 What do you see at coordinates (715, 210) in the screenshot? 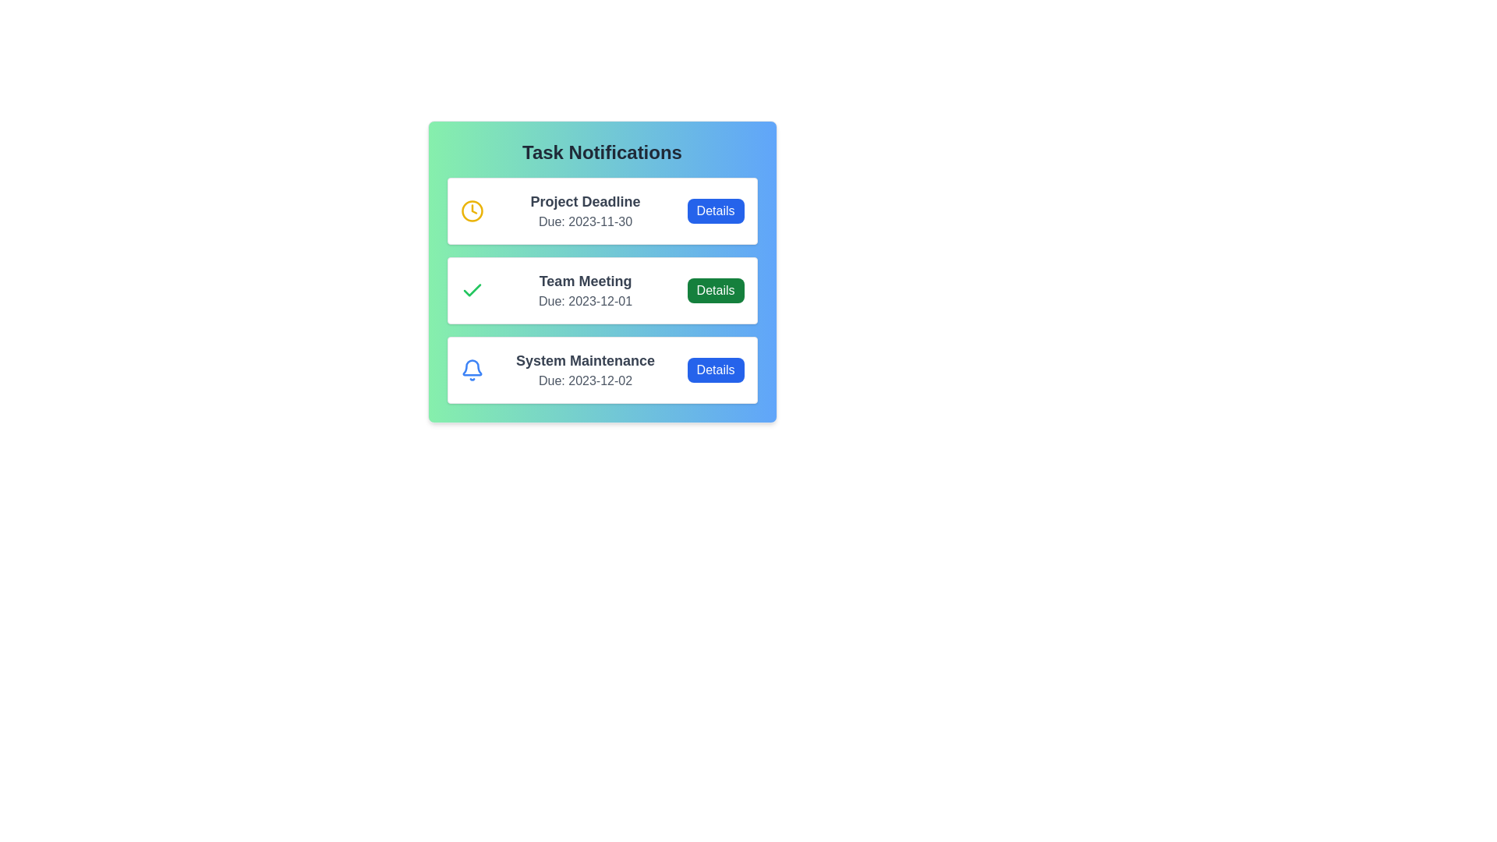
I see `the 'Details' button for the task 'Project Deadline'` at bounding box center [715, 210].